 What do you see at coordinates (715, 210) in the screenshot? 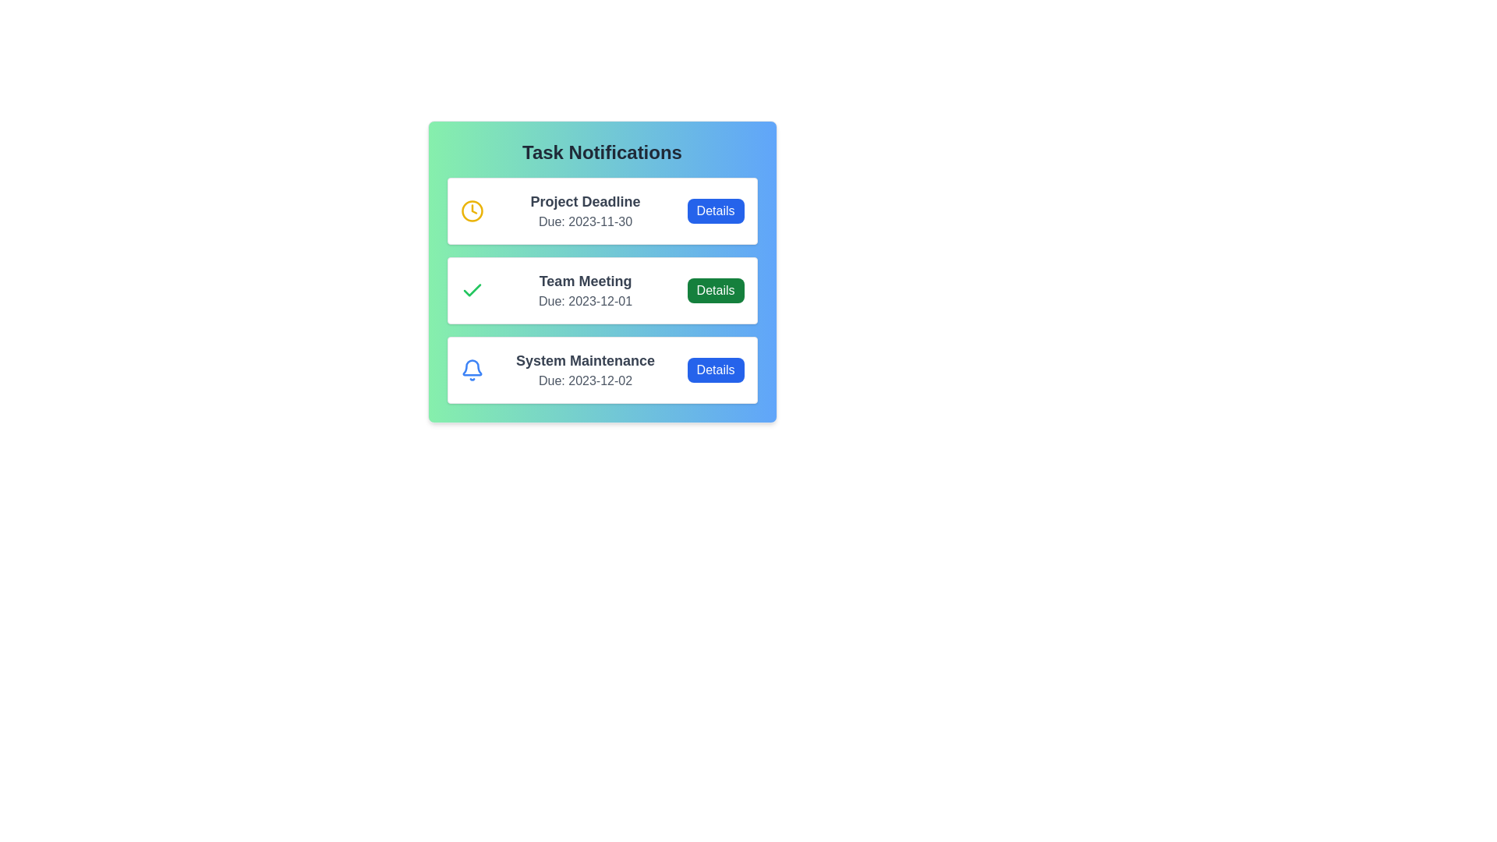
I see `the 'Details' button for the task 'Project Deadline'` at bounding box center [715, 210].